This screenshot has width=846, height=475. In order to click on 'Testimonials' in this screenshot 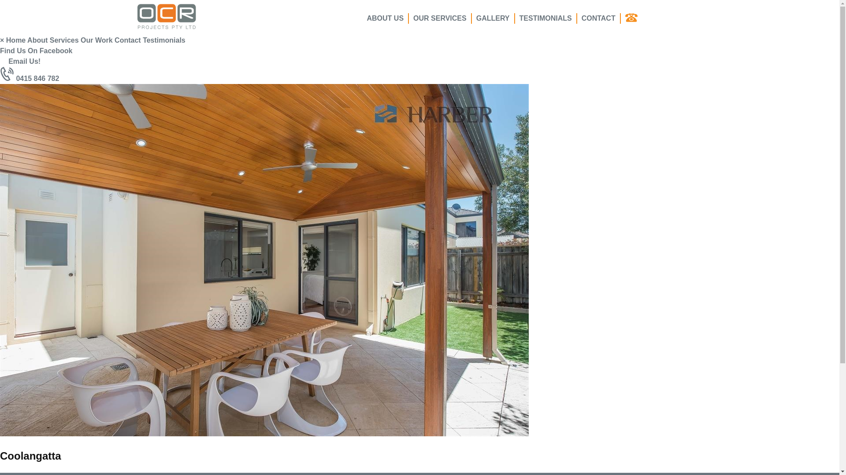, I will do `click(143, 40)`.